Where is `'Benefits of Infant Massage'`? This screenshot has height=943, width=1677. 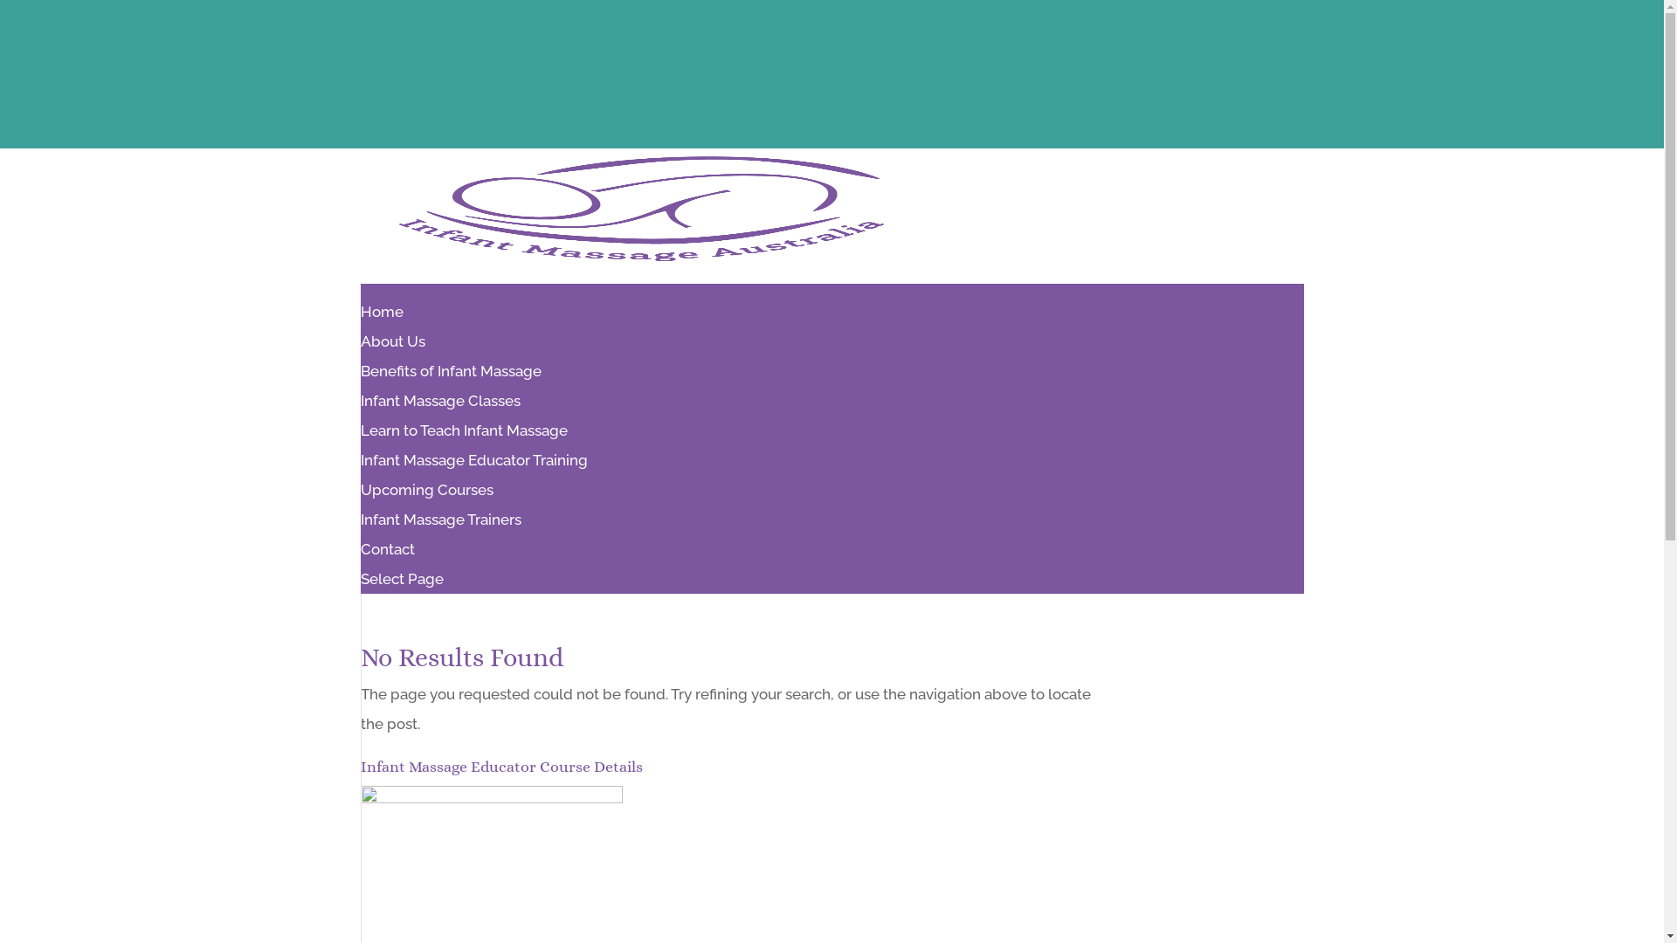 'Benefits of Infant Massage' is located at coordinates (450, 379).